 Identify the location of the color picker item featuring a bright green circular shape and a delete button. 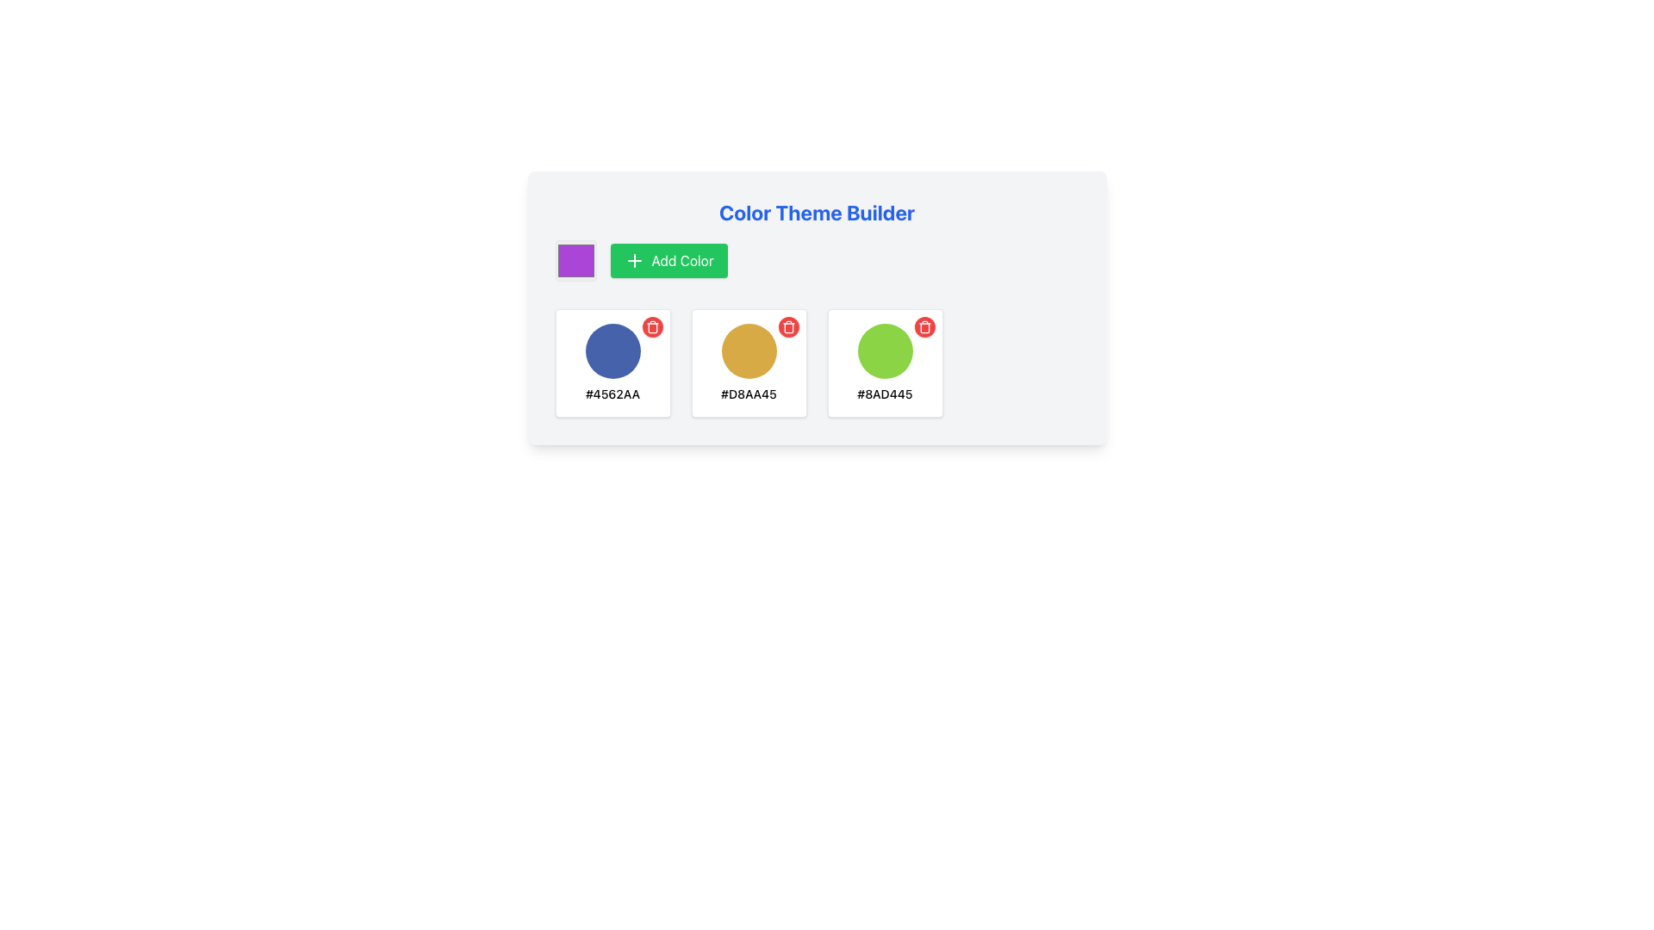
(885, 362).